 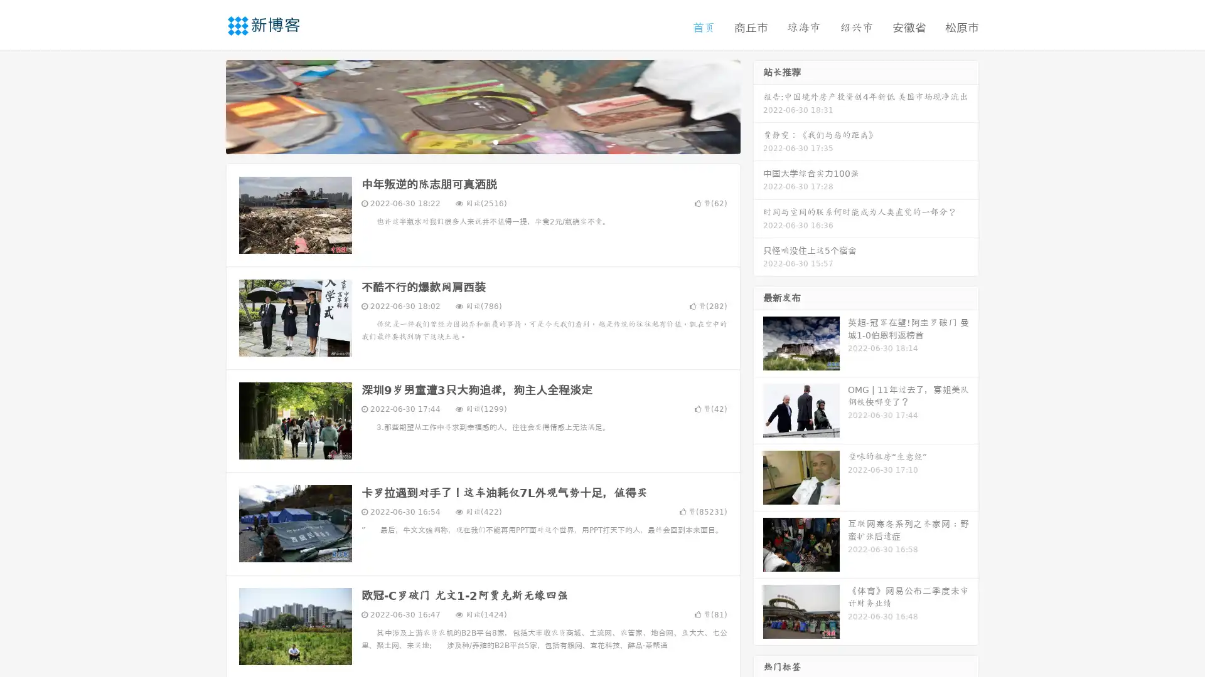 I want to click on Next slide, so click(x=758, y=105).